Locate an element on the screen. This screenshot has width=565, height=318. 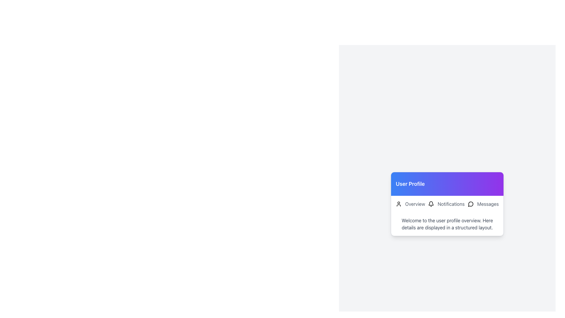
the speech bubble icon, which is a circular icon resembling a chat symbol, located in the bottom-right section of the interface near the 'Messages' label is located at coordinates (470, 204).